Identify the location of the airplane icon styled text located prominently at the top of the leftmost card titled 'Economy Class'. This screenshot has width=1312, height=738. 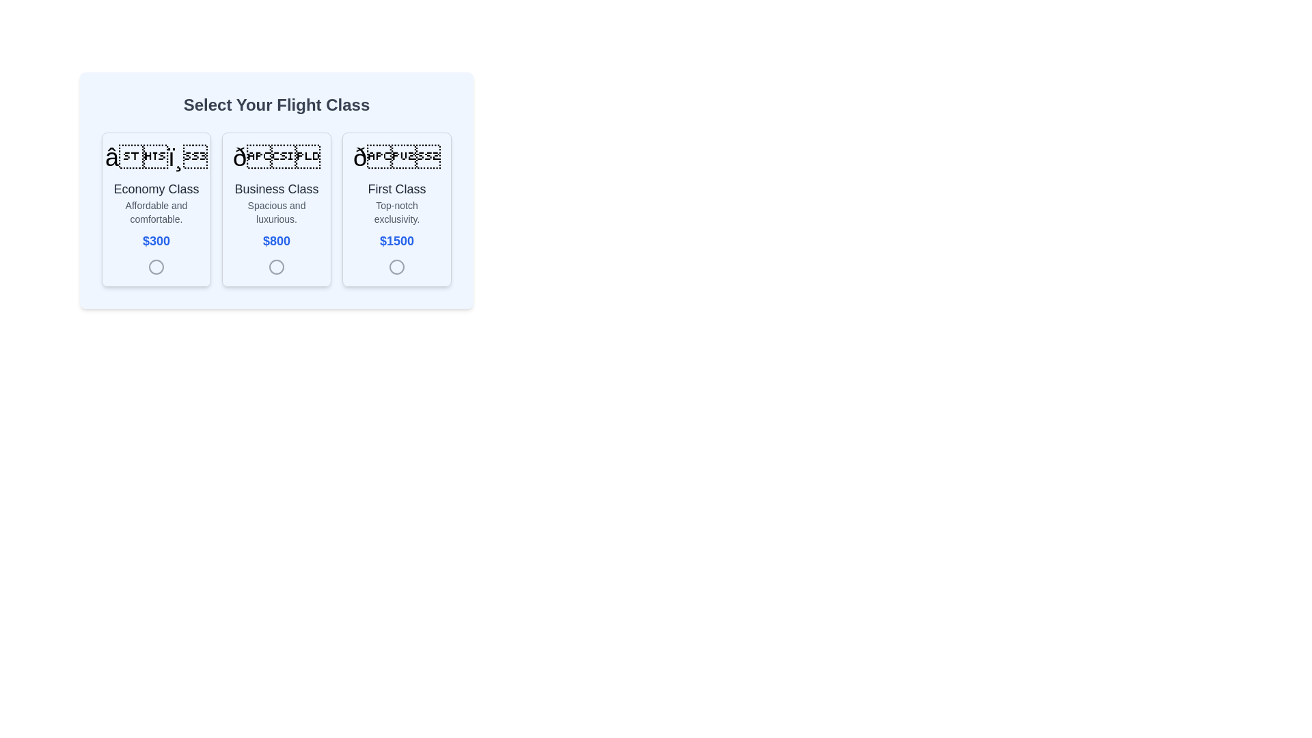
(156, 157).